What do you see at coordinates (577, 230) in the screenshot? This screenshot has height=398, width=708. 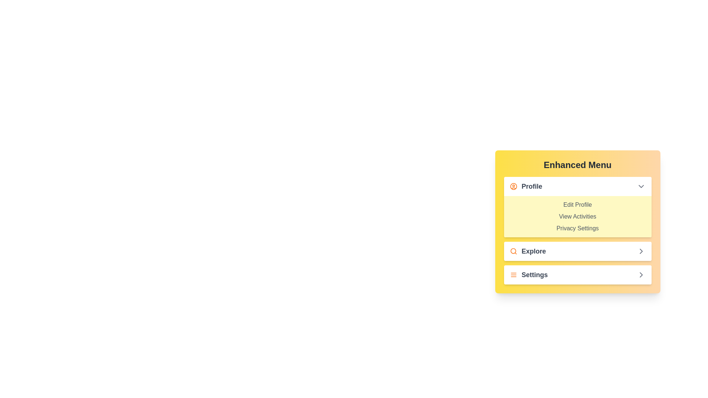 I see `the text link that is the third item in the dropdown under the 'Profile' header in the 'Enhanced Menu'` at bounding box center [577, 230].